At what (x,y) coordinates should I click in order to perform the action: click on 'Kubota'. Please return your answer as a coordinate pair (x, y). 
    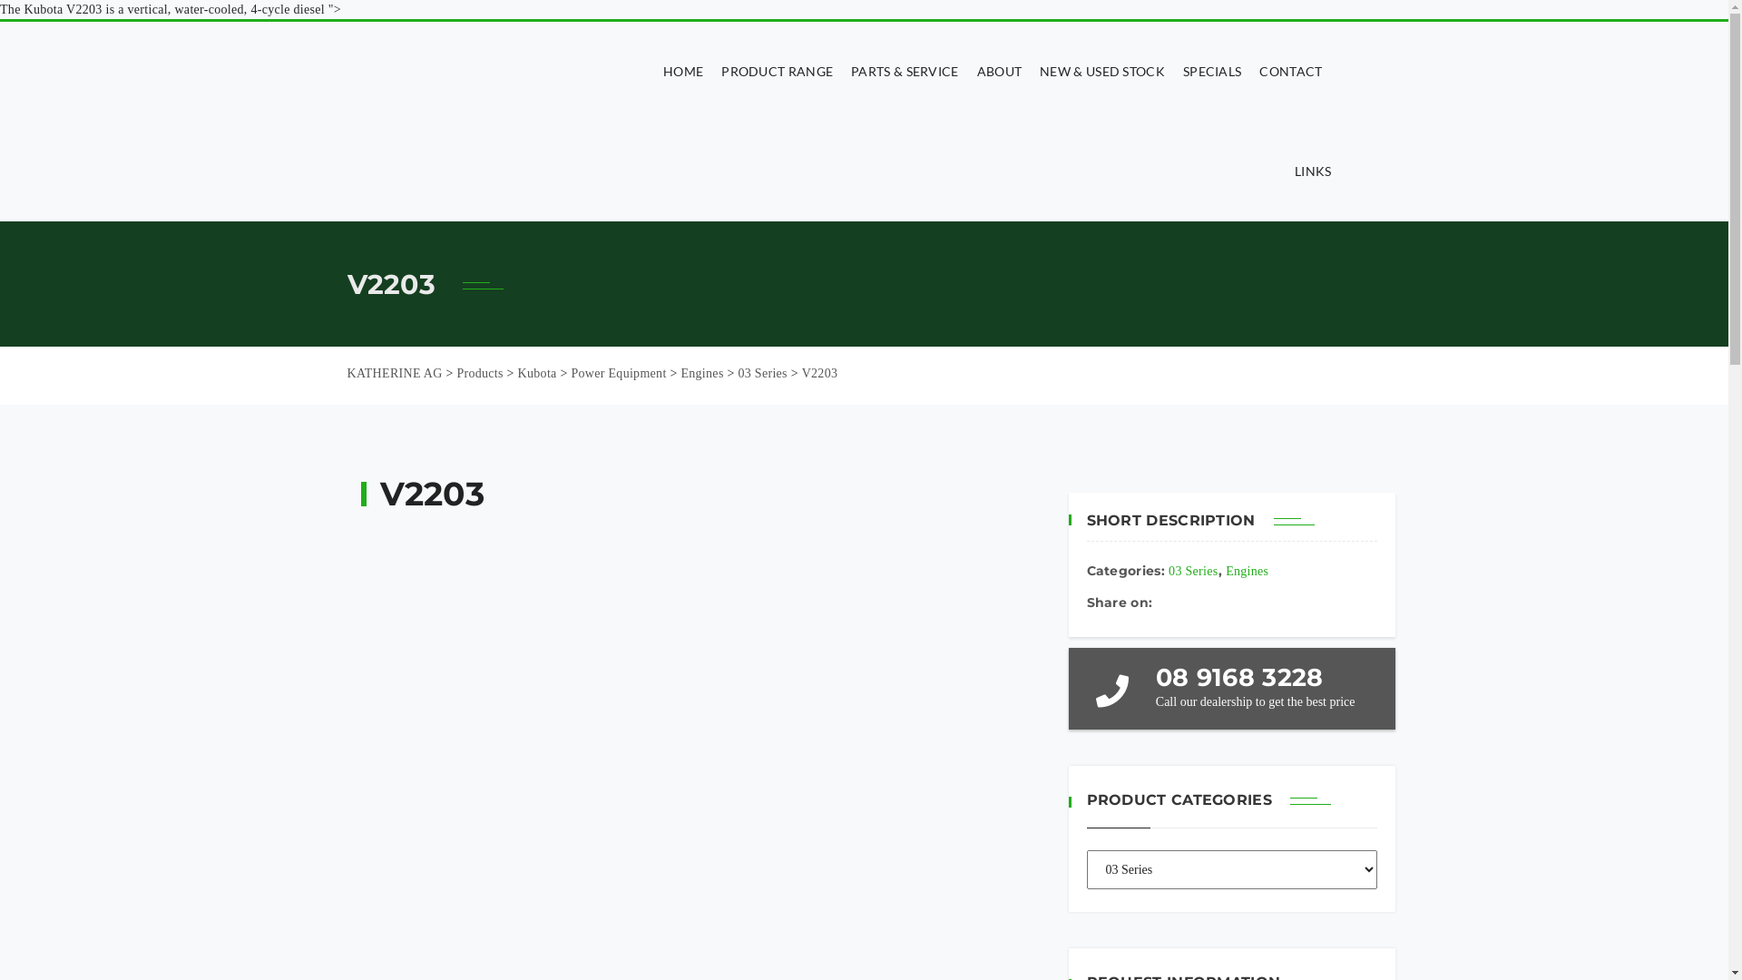
    Looking at the image, I should click on (536, 372).